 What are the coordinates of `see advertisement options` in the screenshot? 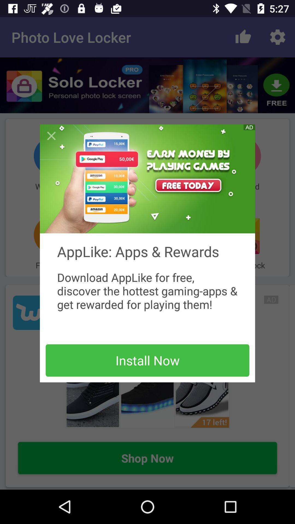 It's located at (249, 127).